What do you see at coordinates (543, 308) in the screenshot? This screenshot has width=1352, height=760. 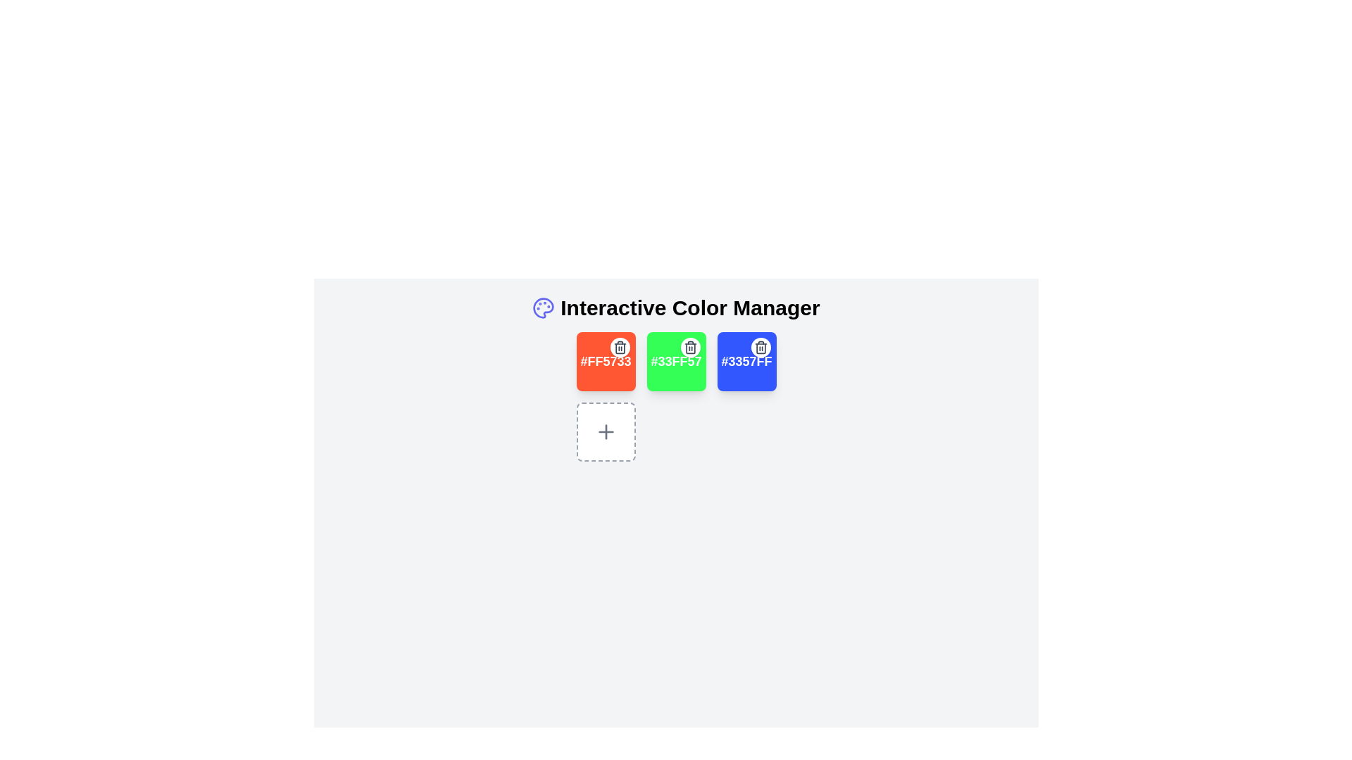 I see `decorative icon located to the left of the 'Interactive Color Manager' text in the header section of the interface` at bounding box center [543, 308].